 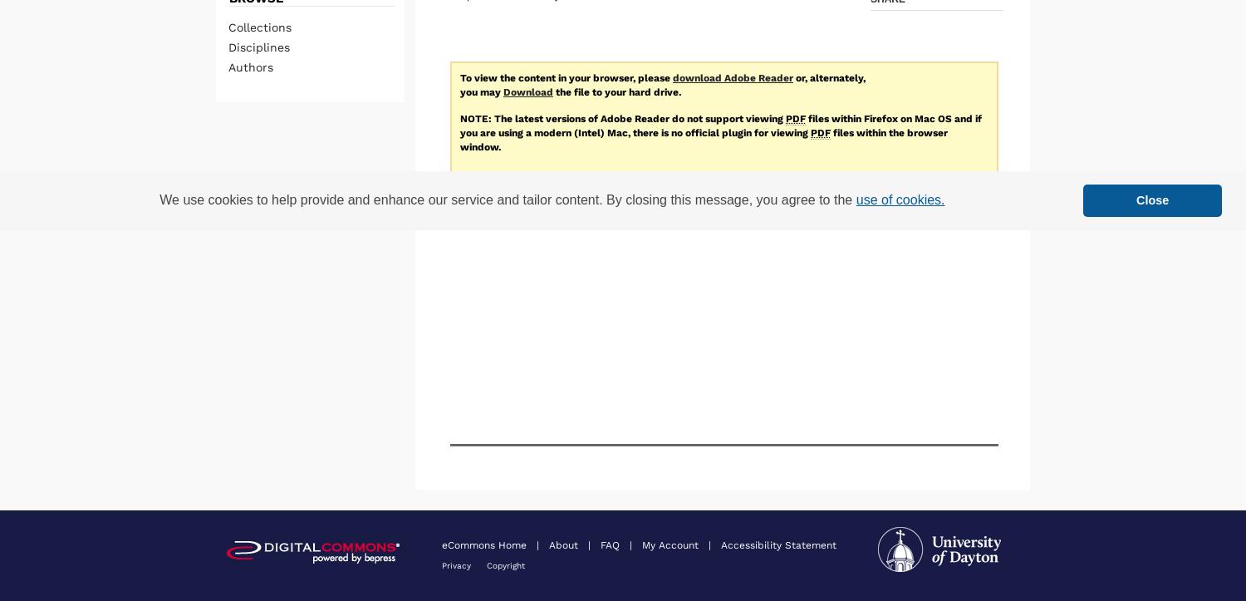 I want to click on 'eCommons Home', so click(x=485, y=543).